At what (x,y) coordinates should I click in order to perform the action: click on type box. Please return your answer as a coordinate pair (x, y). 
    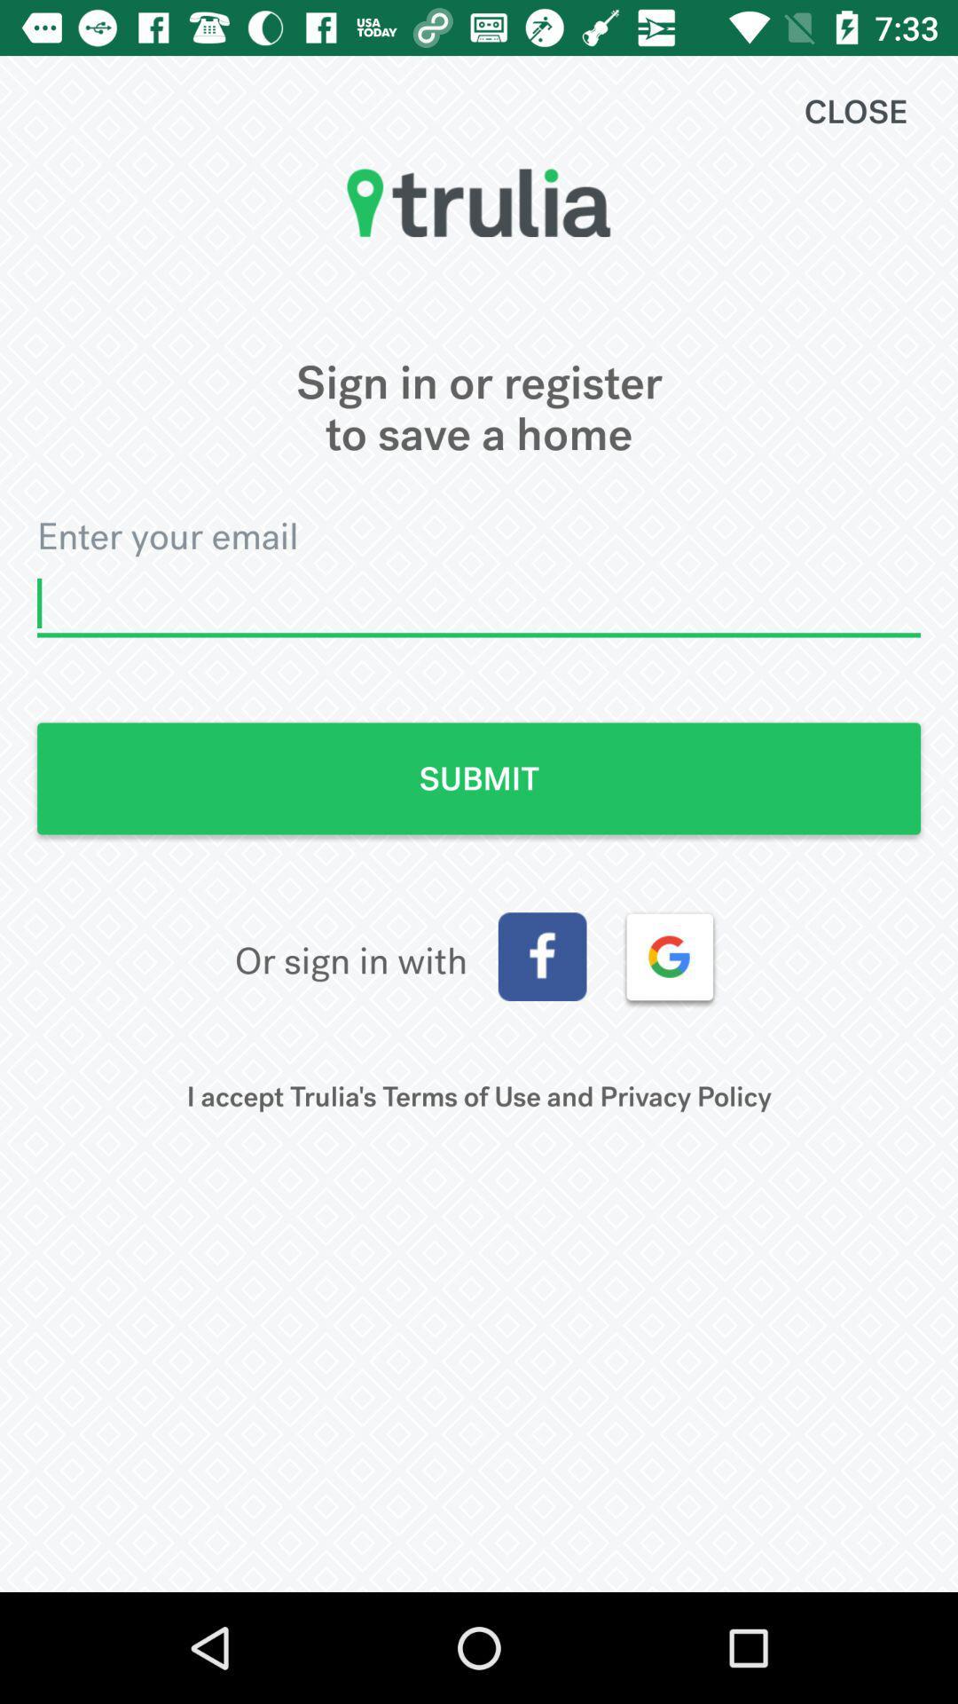
    Looking at the image, I should click on (479, 604).